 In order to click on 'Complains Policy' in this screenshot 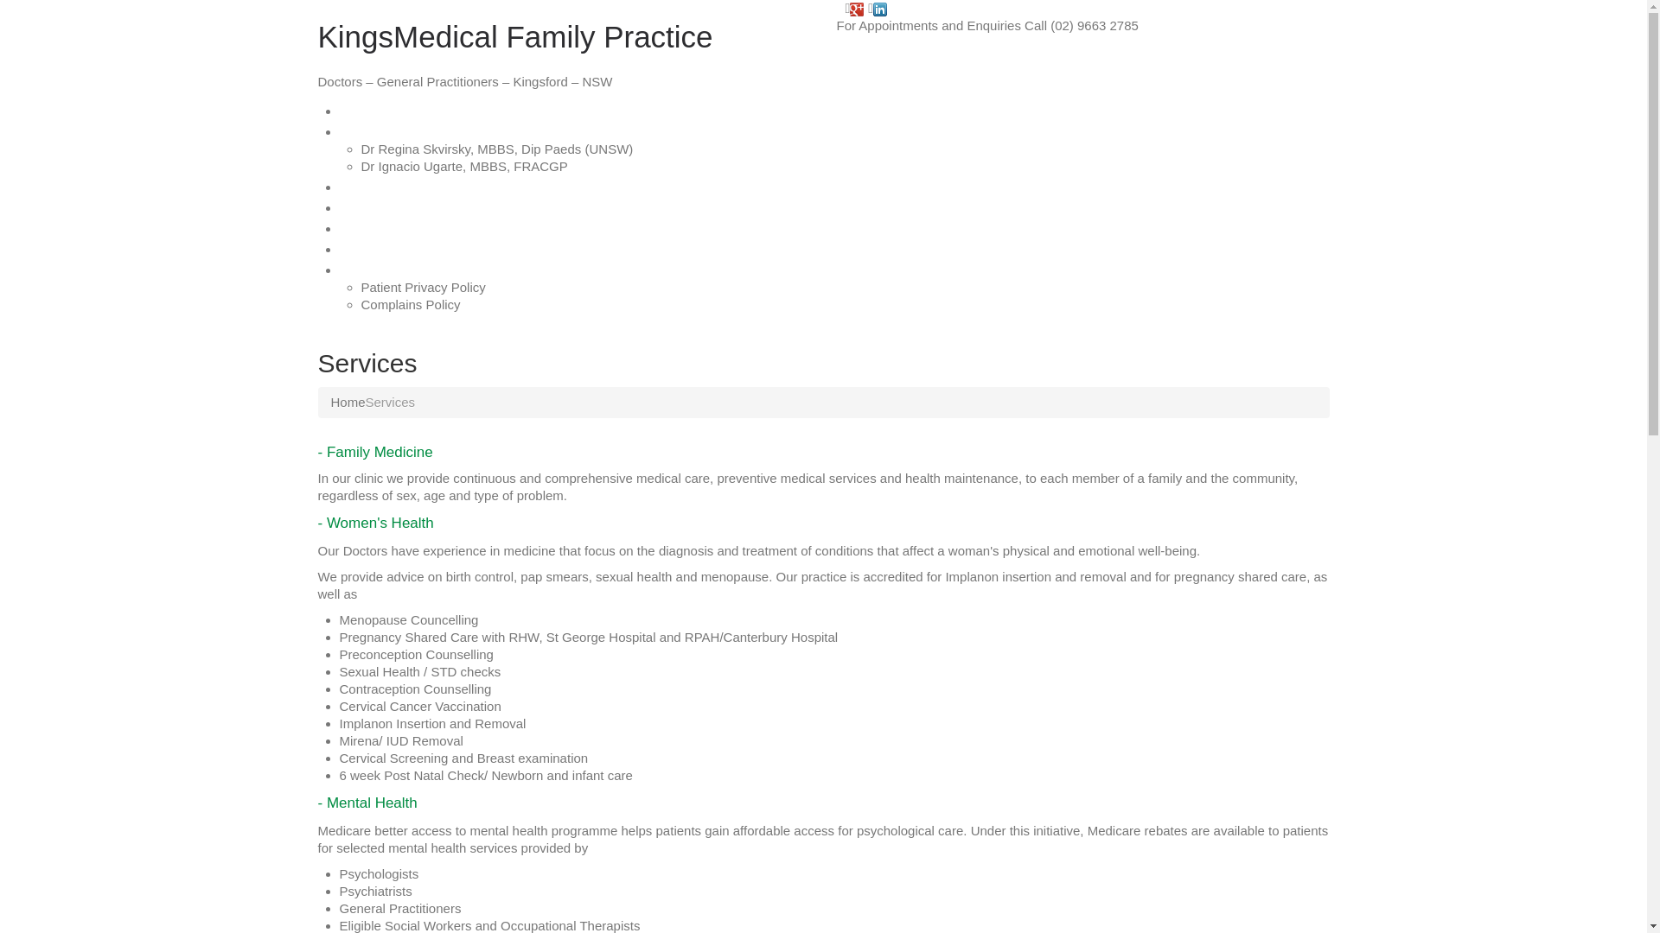, I will do `click(410, 303)`.